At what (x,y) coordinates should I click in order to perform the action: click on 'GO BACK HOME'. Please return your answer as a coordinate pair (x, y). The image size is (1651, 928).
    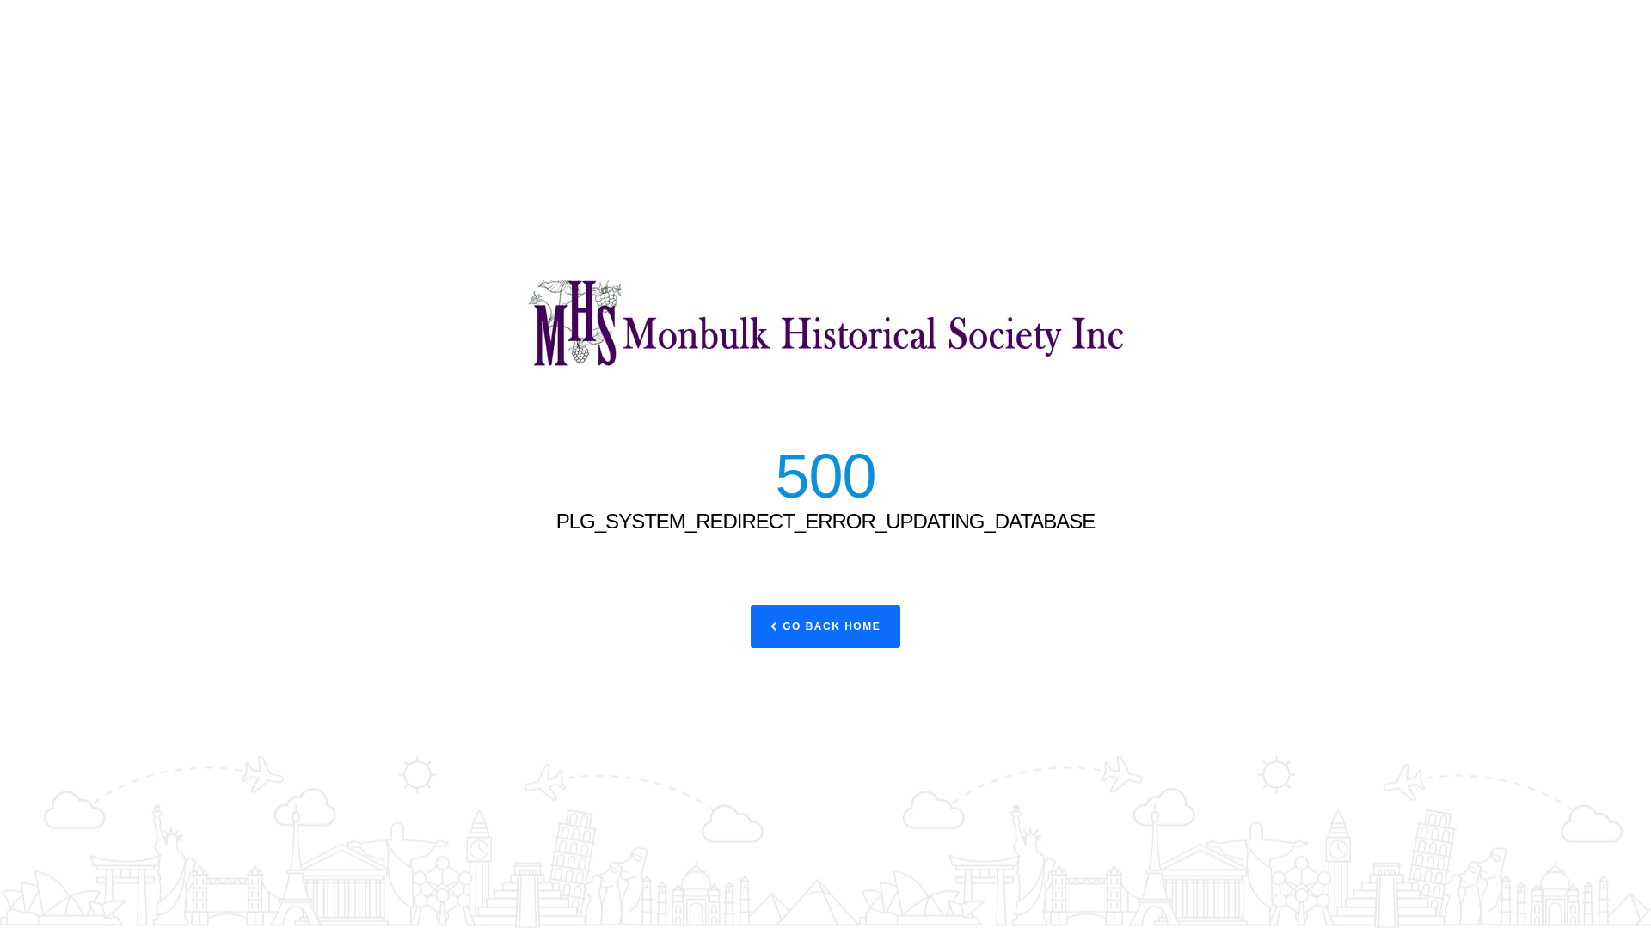
    Looking at the image, I should click on (825, 626).